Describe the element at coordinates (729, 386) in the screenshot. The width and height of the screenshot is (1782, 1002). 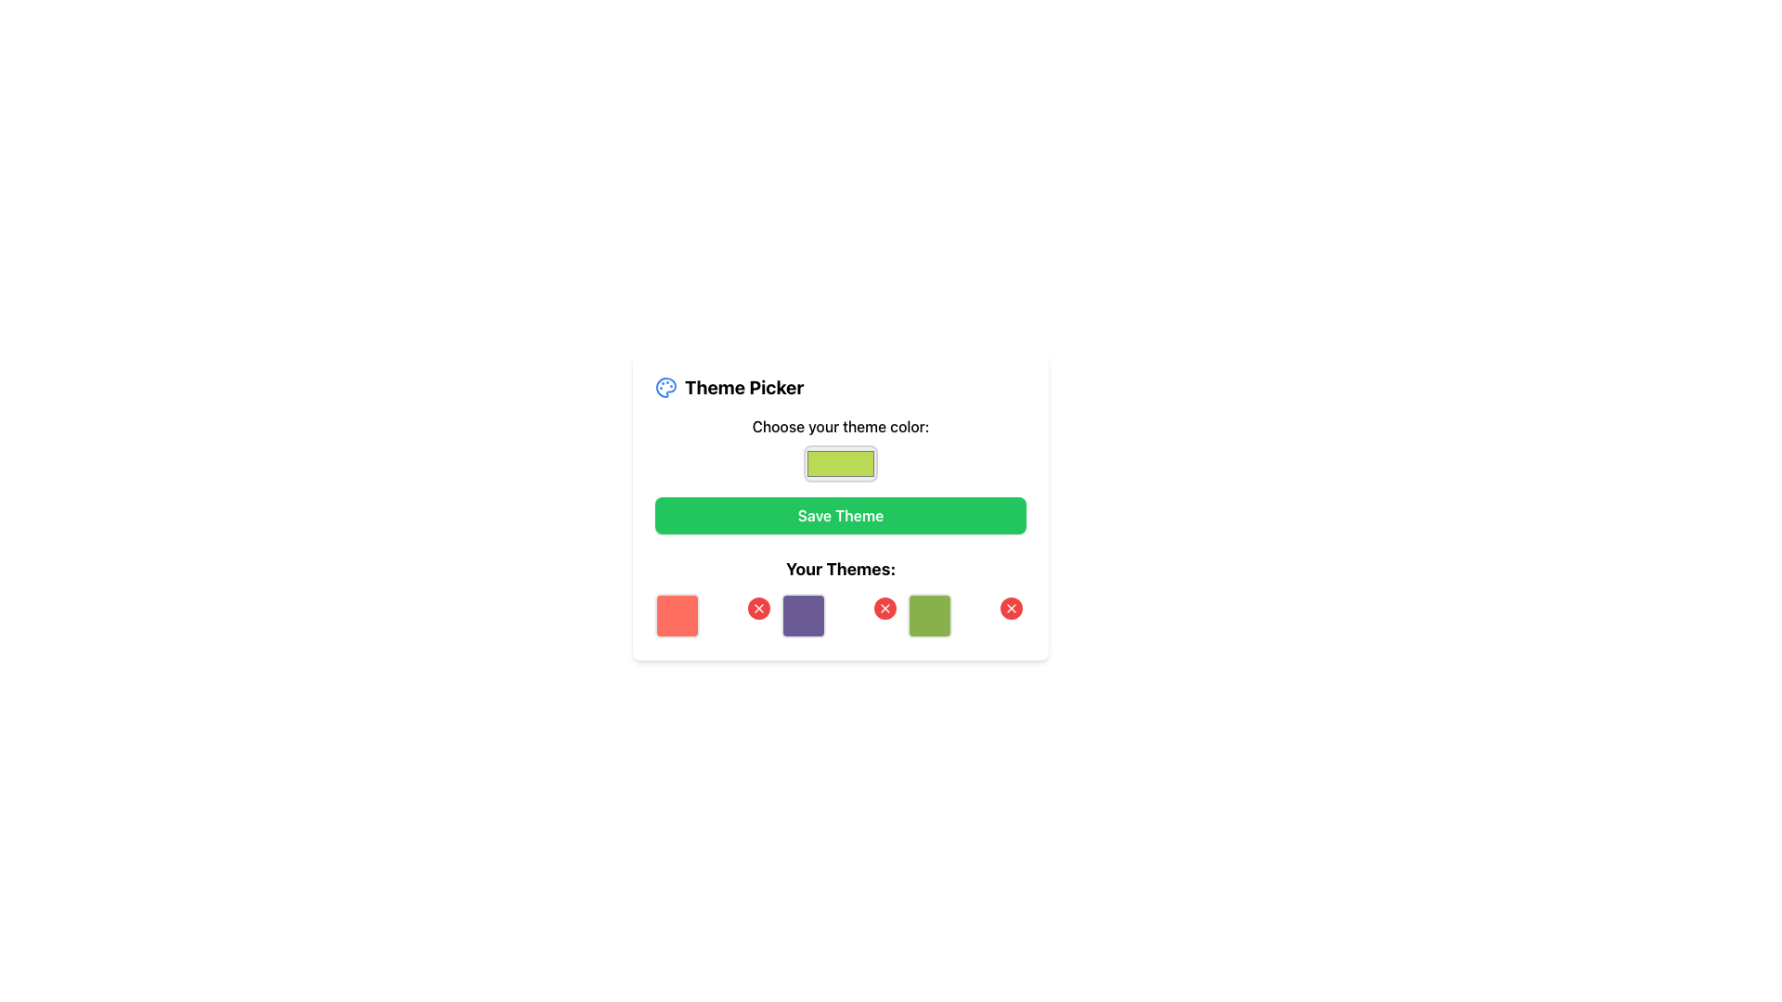
I see `the 'Theme Picker' label with a blue palette icon, located at the top of the card-like component, adjacent to the 'Choose your theme color' subtitle` at that location.